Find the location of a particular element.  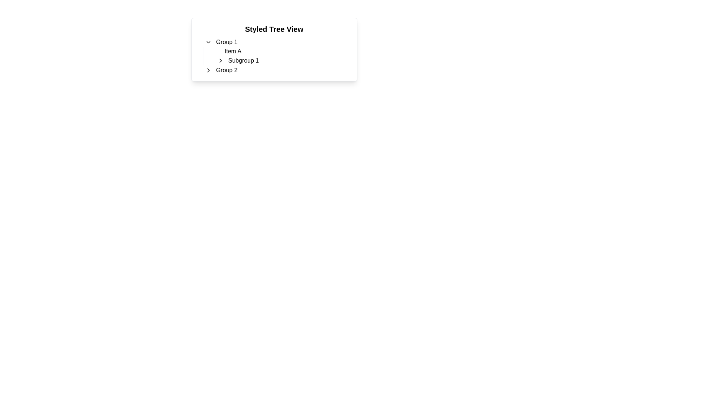

the expandable toggle icon for the 'Group 2' item in the styled tree view is located at coordinates (208, 70).